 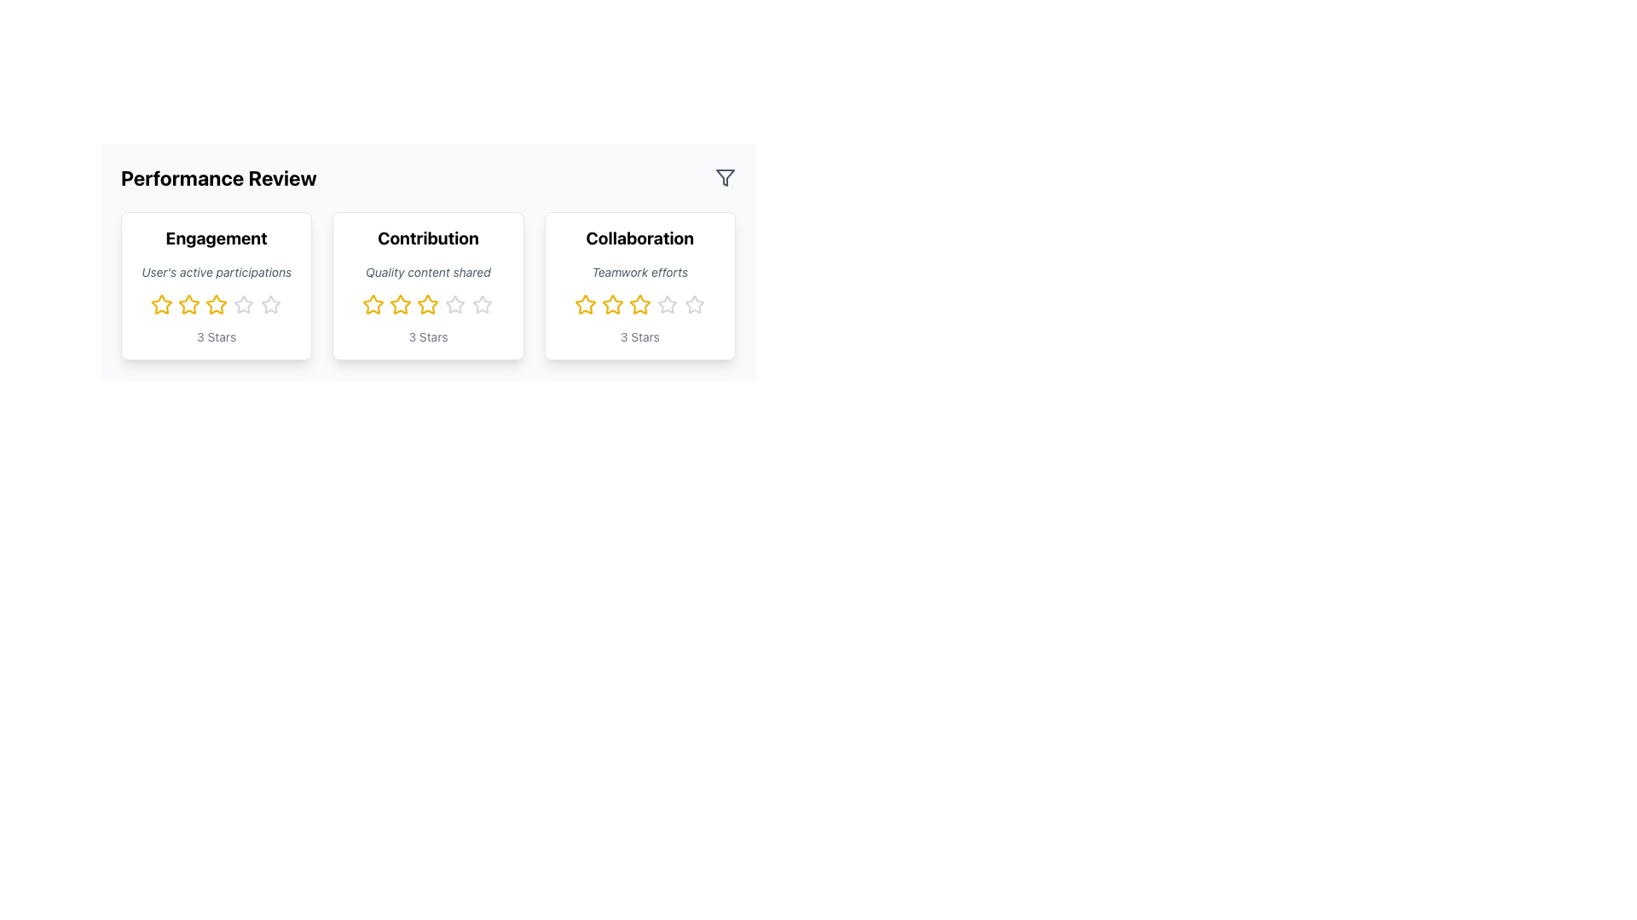 I want to click on the second interactive star icon in the Collaboration review card, so click(x=585, y=303).